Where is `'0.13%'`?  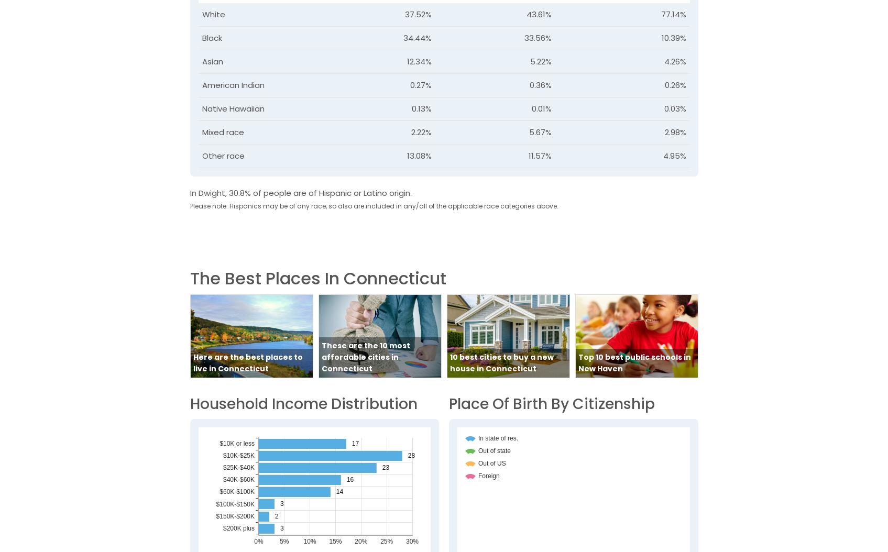
'0.13%' is located at coordinates (411, 107).